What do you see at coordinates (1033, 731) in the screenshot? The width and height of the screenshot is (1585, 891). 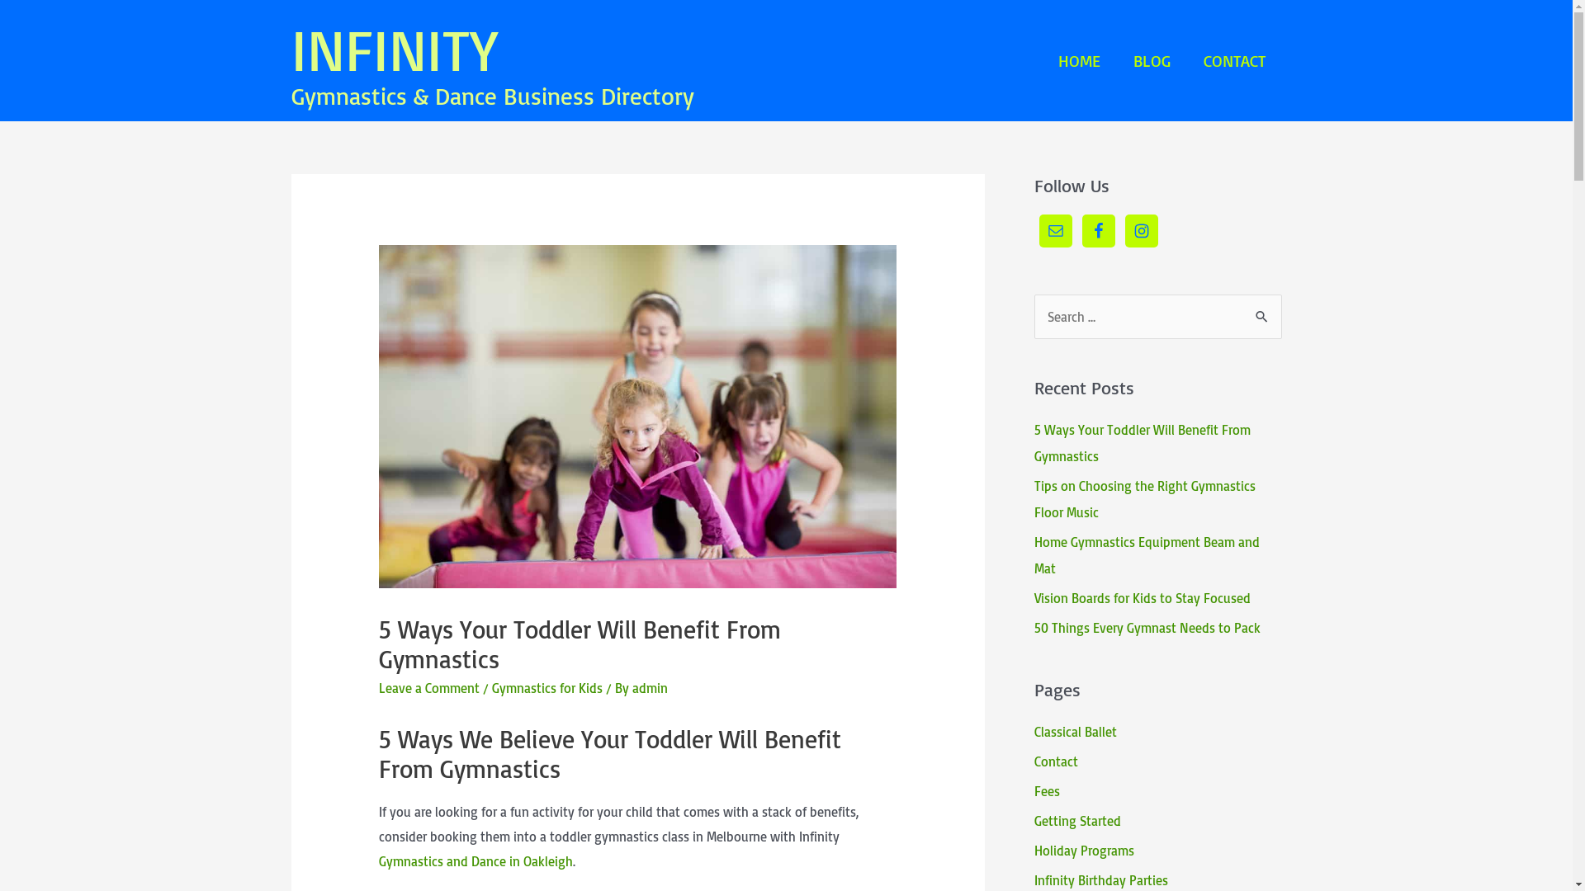 I see `'Classical Ballet'` at bounding box center [1033, 731].